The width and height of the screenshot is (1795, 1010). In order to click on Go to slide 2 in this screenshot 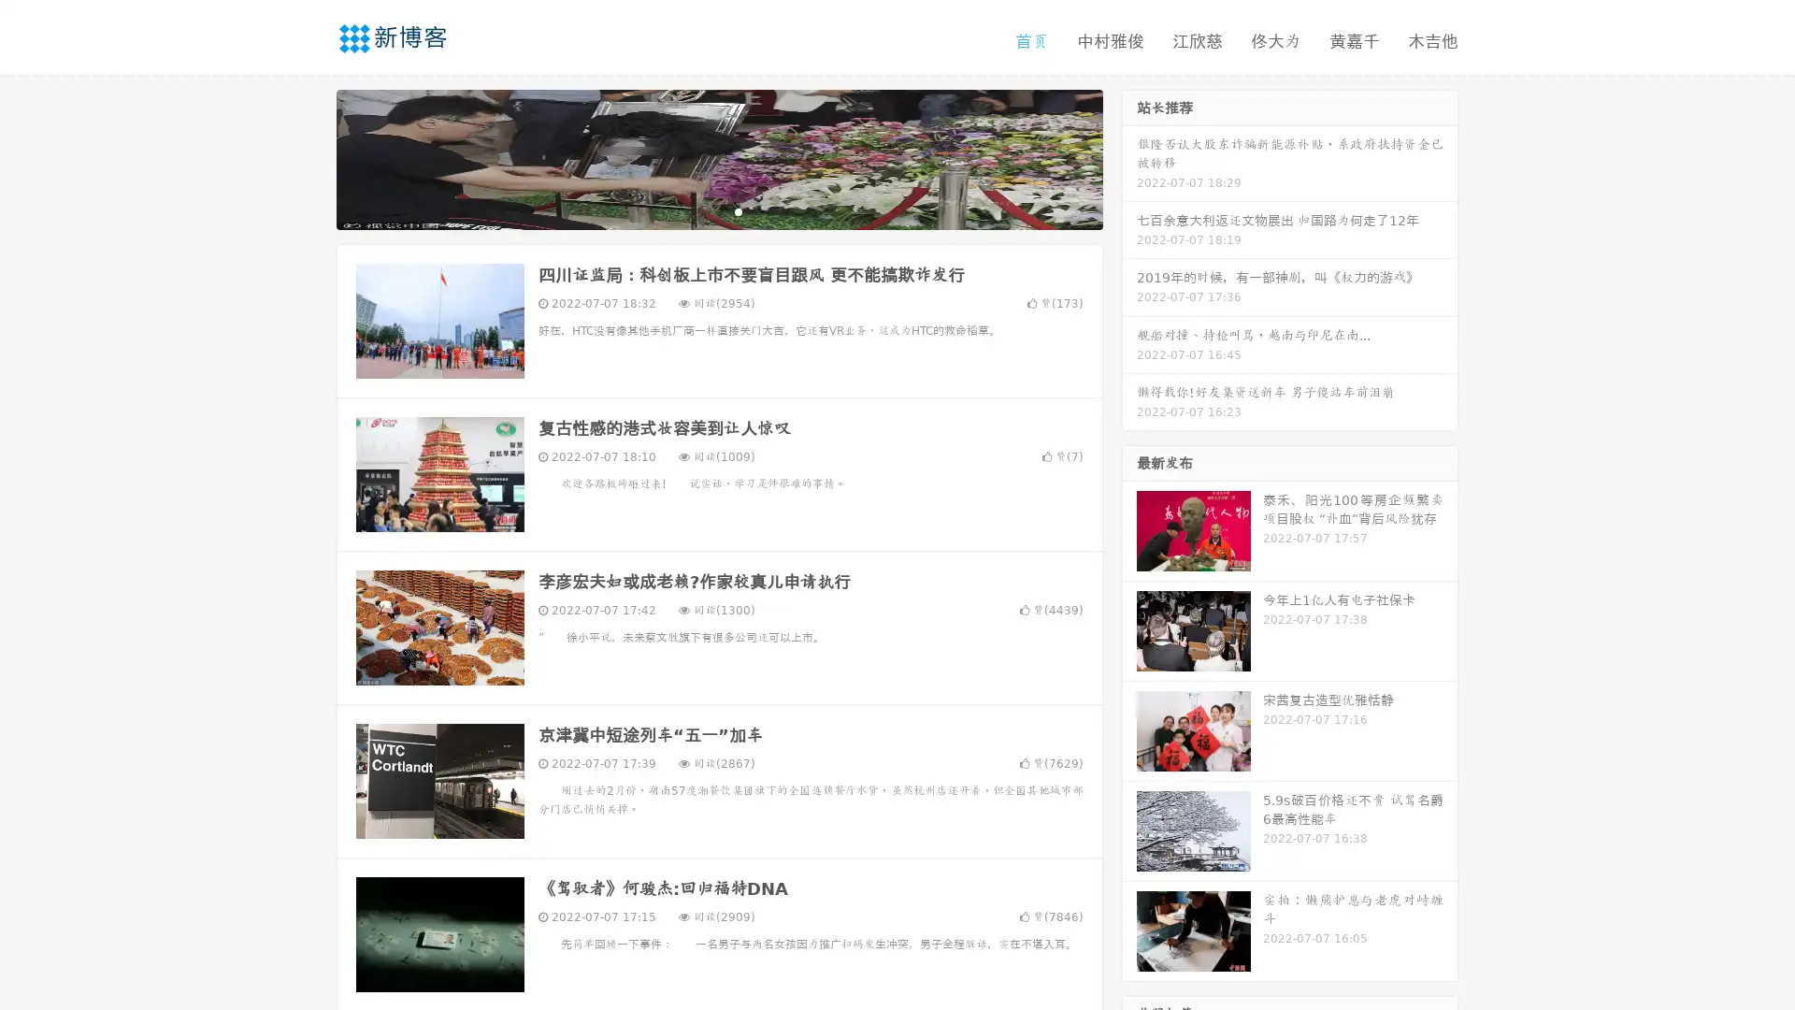, I will do `click(718, 210)`.